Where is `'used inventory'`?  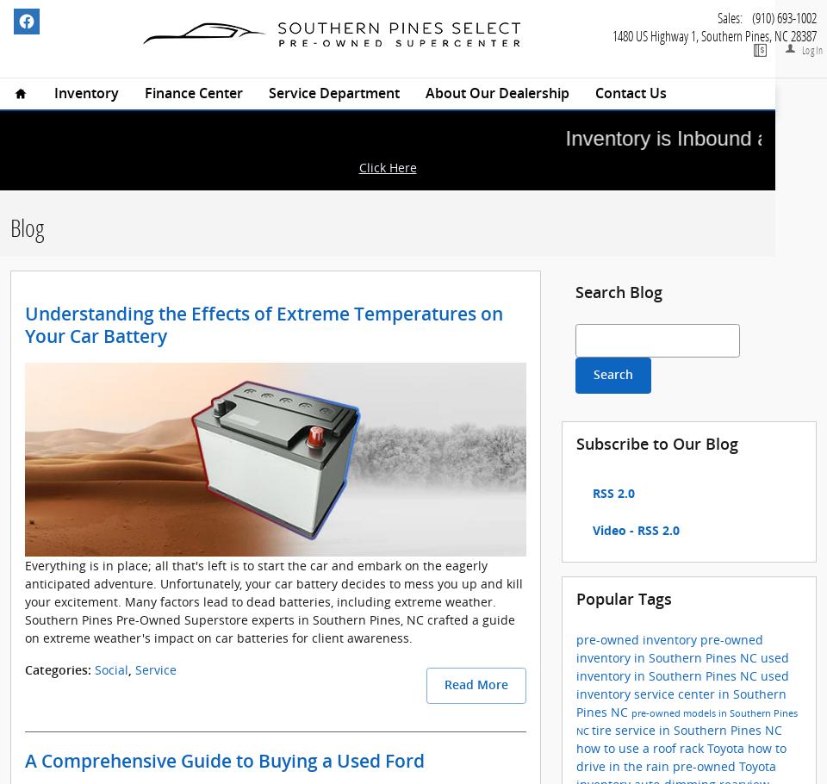 'used inventory' is located at coordinates (682, 682).